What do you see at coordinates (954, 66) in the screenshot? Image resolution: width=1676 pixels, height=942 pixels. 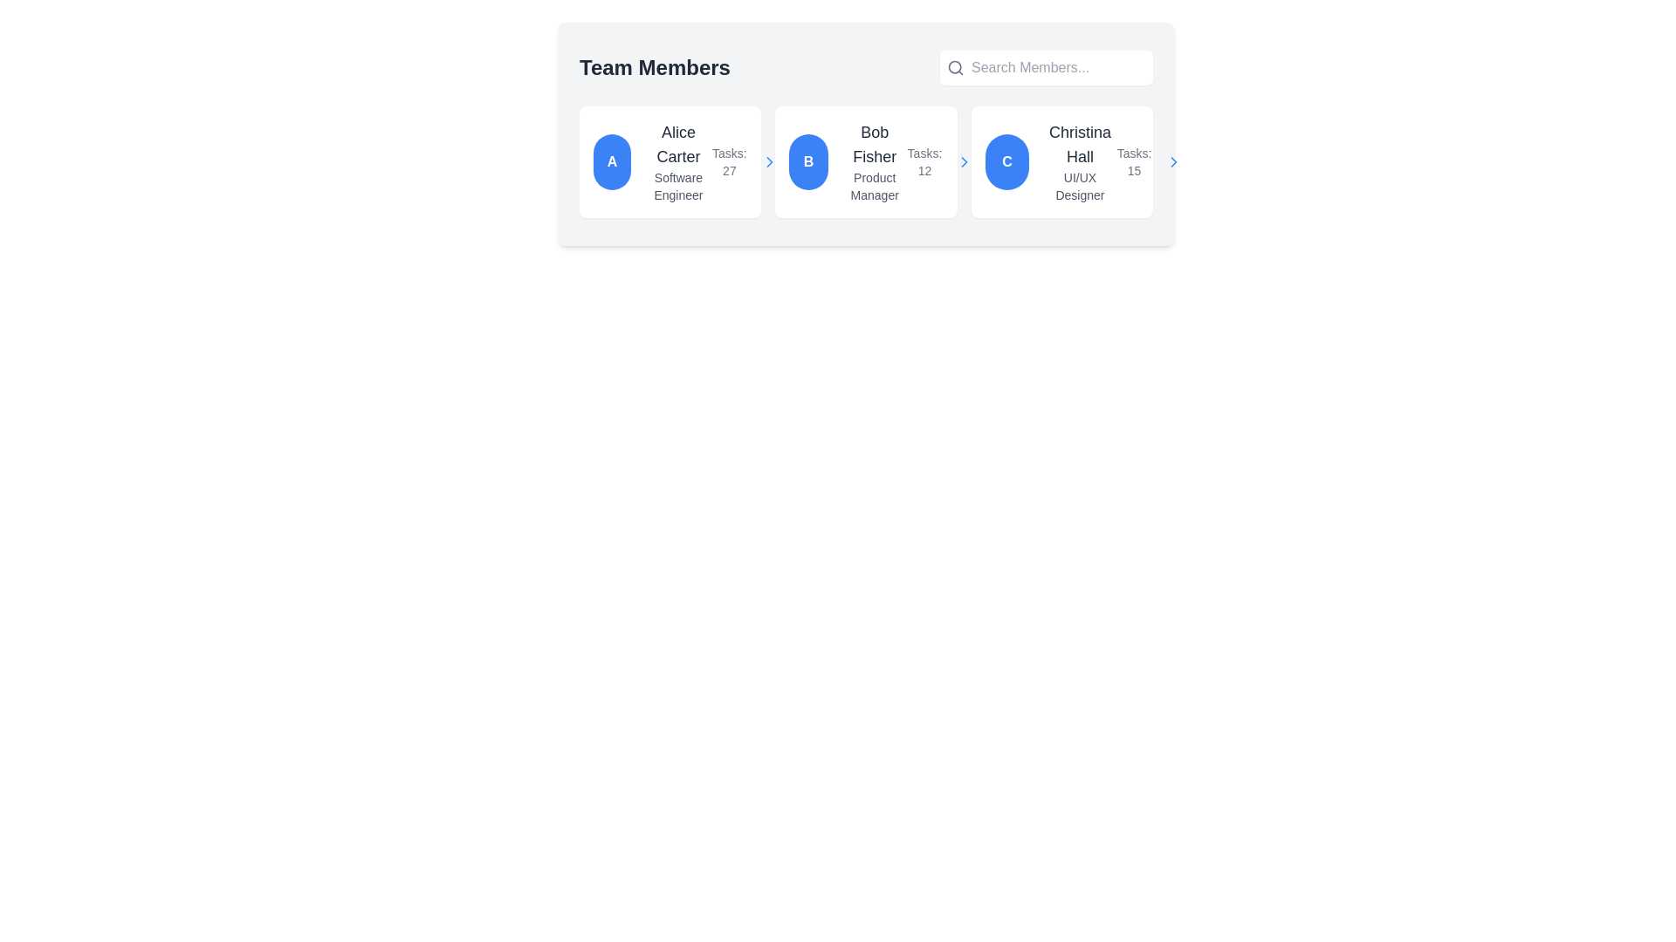 I see `the Circle element that is part of the search icon located at the top-right corner of the interface, adjacent to the 'Search Members...' text input box` at bounding box center [954, 66].